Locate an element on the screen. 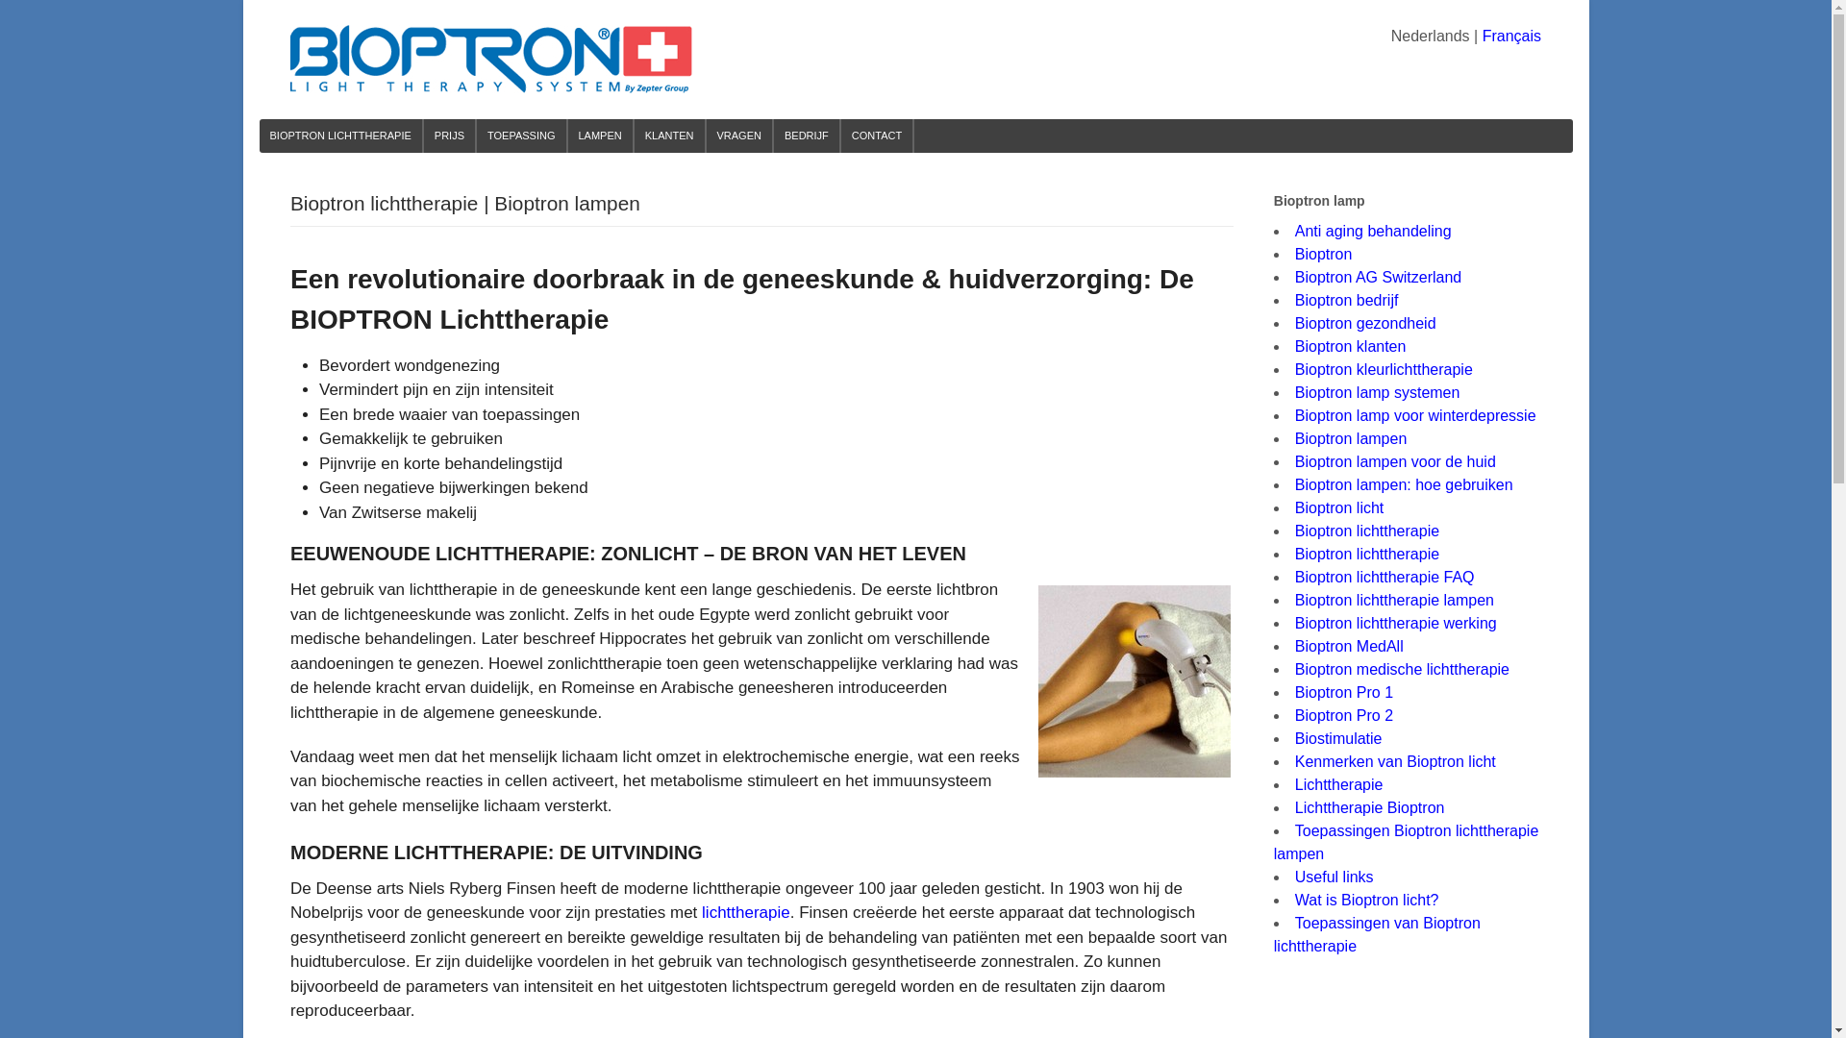 The height and width of the screenshot is (1038, 1846). 'PRIJS' is located at coordinates (448, 135).